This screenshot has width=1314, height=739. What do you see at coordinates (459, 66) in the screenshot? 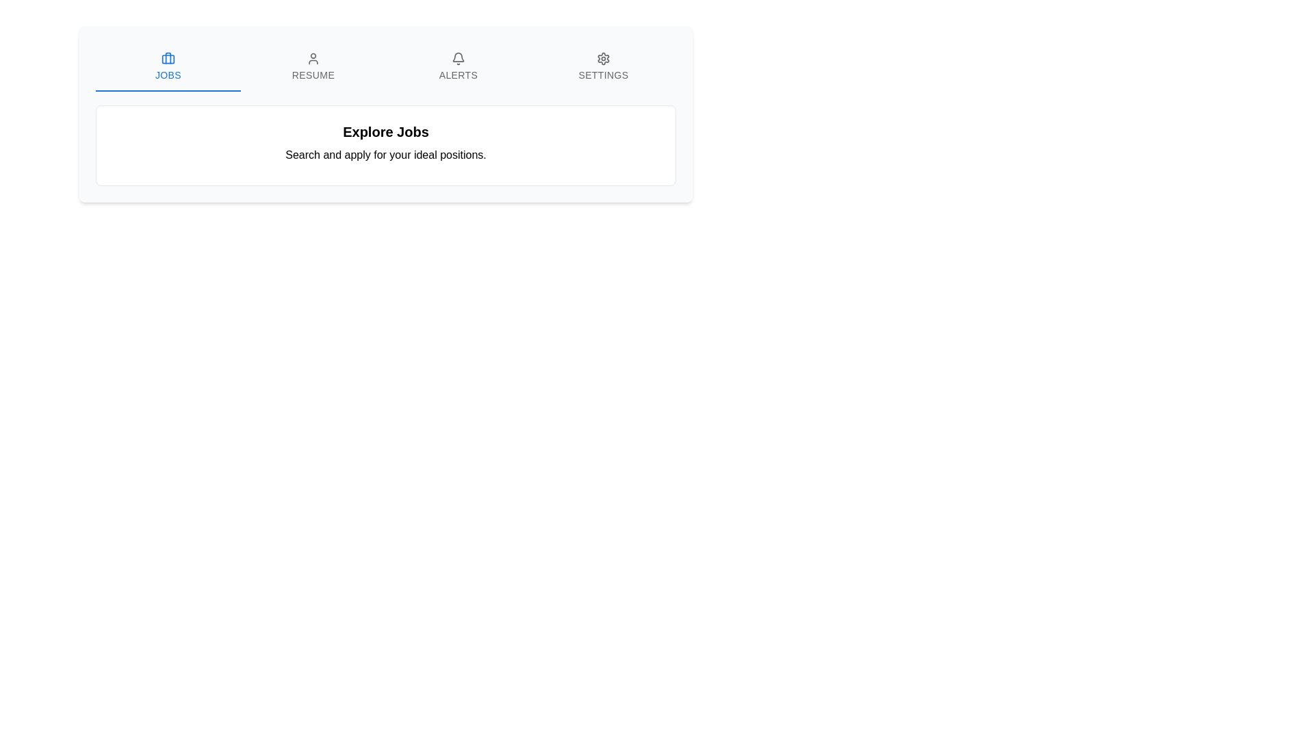
I see `the 'Alerts' button located in the navigation bar, which is the third tab between 'Resume' and 'Settings'` at bounding box center [459, 66].